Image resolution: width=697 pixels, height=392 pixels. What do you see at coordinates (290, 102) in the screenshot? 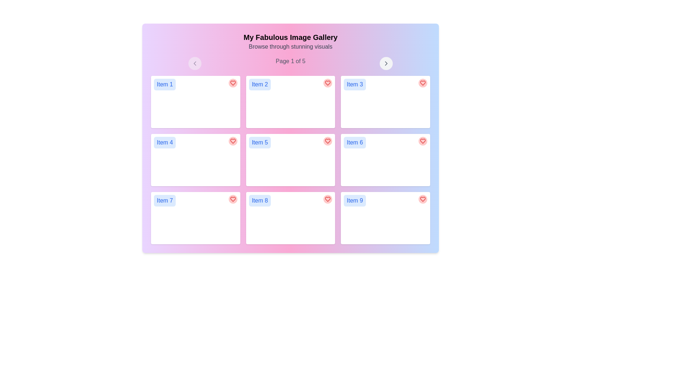
I see `the second card in a 3-column grid layout that has a white background and contains the text 'Item 2' with a blue background in the top-left corner and a circular red heart button in the top-right corner` at bounding box center [290, 102].